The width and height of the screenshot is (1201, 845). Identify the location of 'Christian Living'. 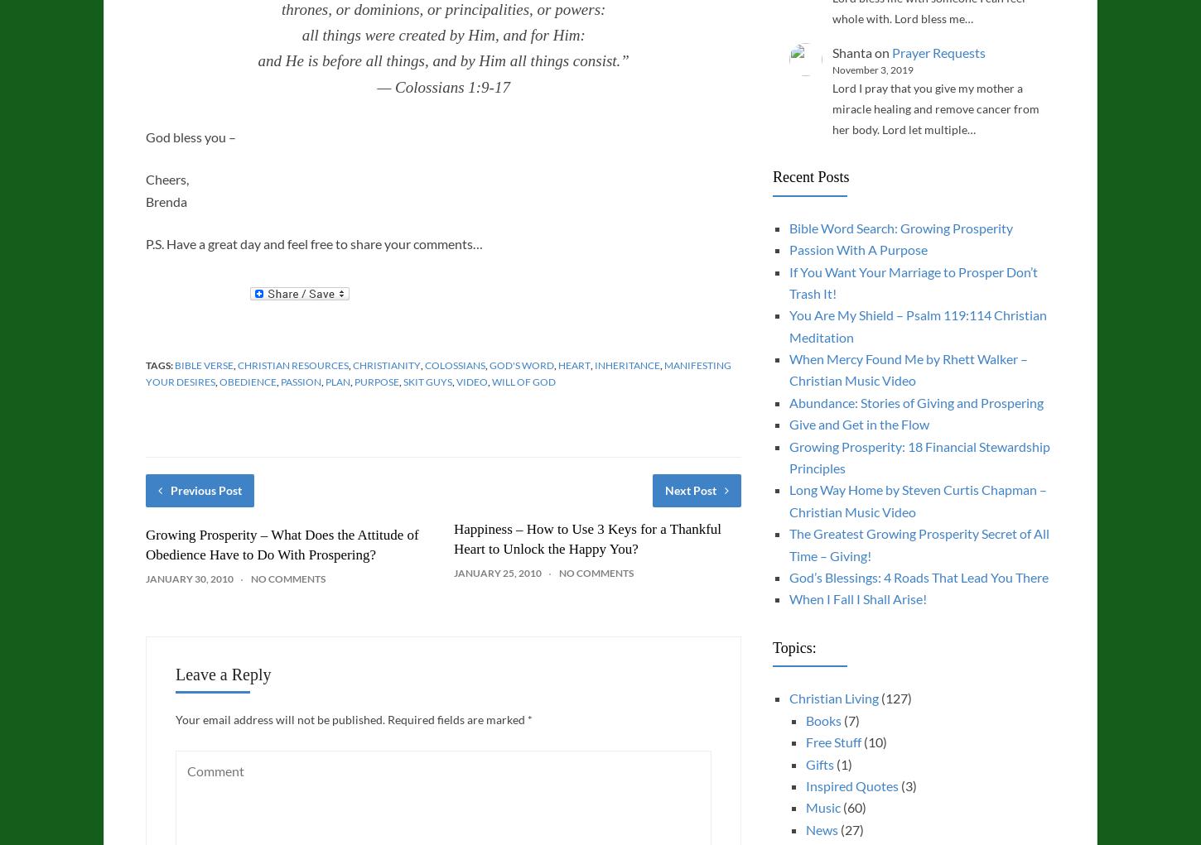
(788, 698).